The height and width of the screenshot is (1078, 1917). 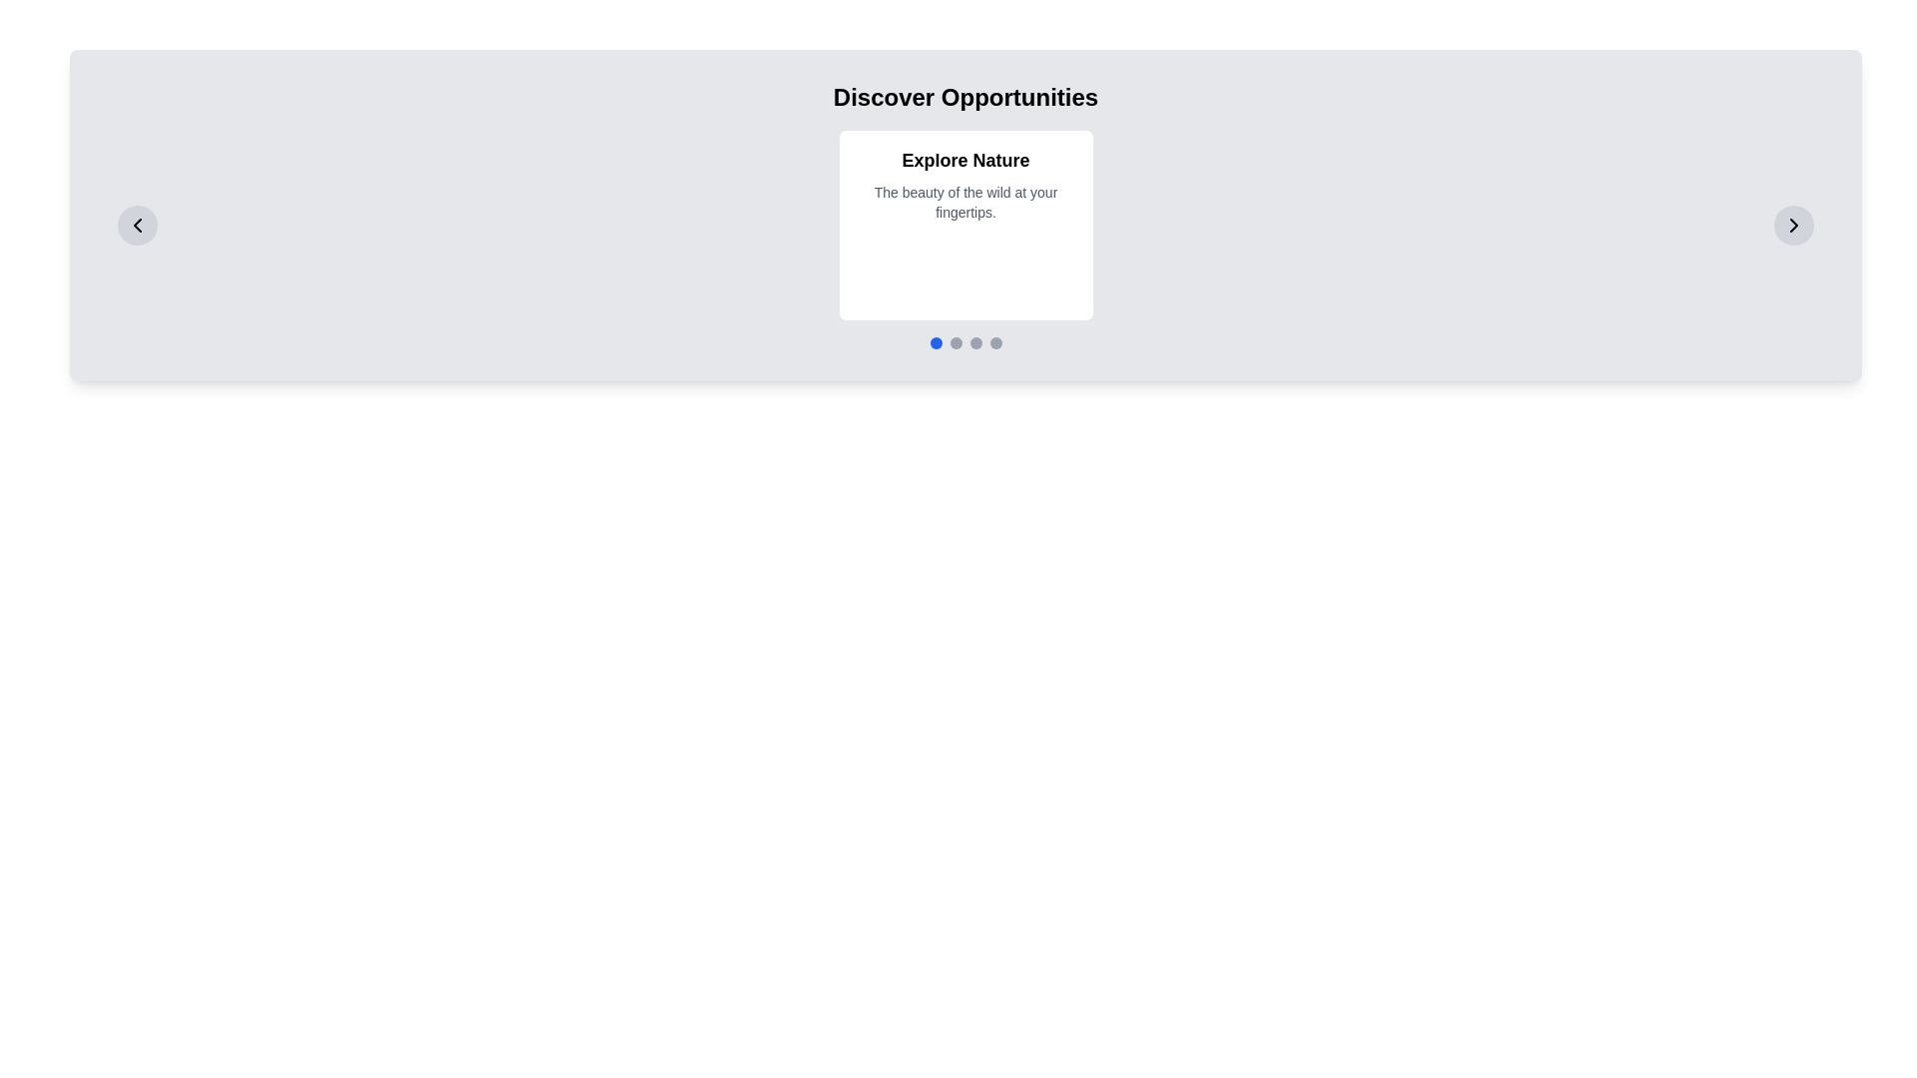 I want to click on the text label displaying 'Explore Nature' which is centrally located within its card component, so click(x=965, y=160).